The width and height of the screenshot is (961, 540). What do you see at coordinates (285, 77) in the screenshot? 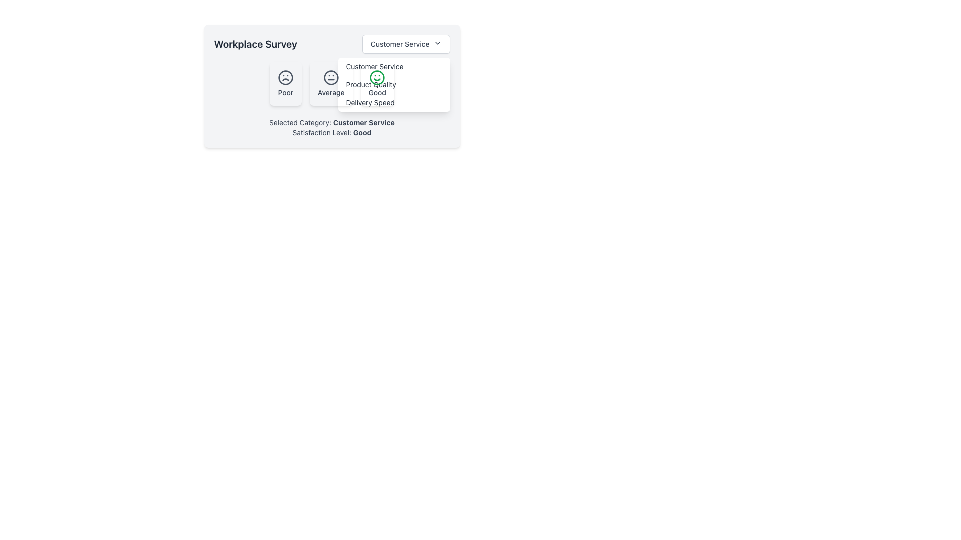
I see `the 'Poor' rating icon in the satisfaction survey` at bounding box center [285, 77].